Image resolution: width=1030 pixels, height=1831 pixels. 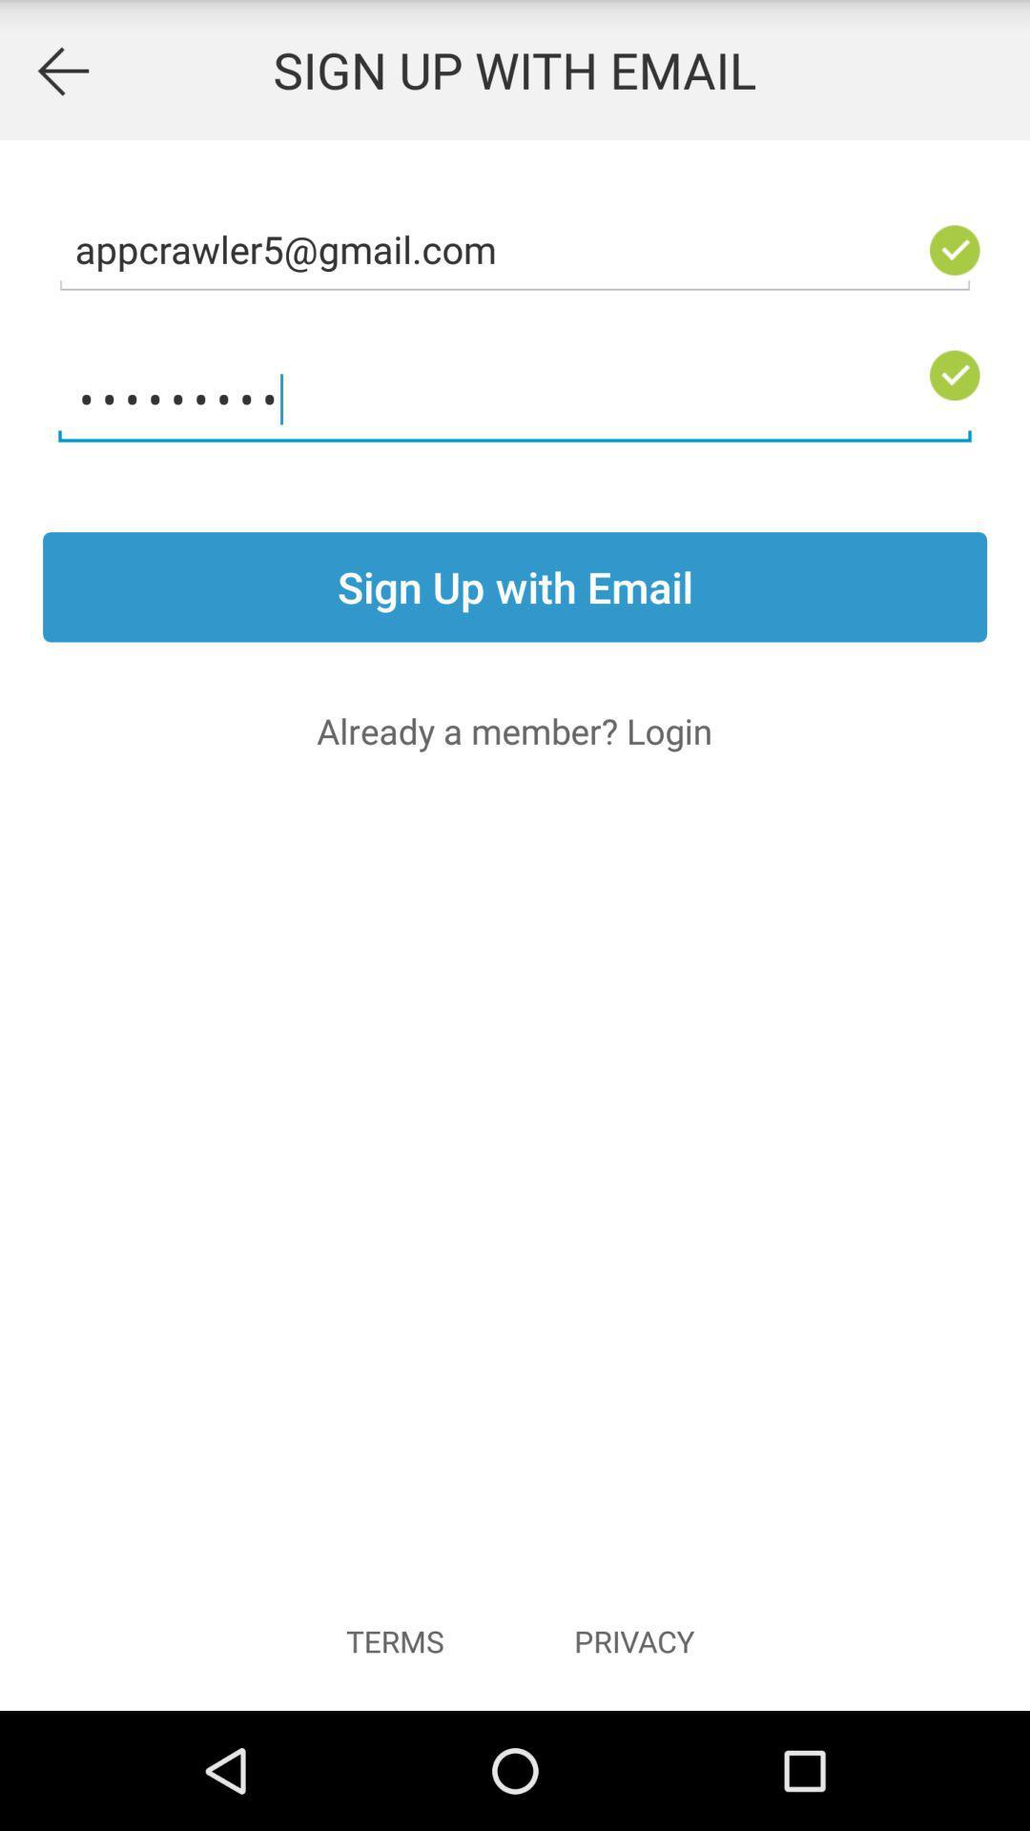 What do you see at coordinates (61, 70) in the screenshot?
I see `go back` at bounding box center [61, 70].